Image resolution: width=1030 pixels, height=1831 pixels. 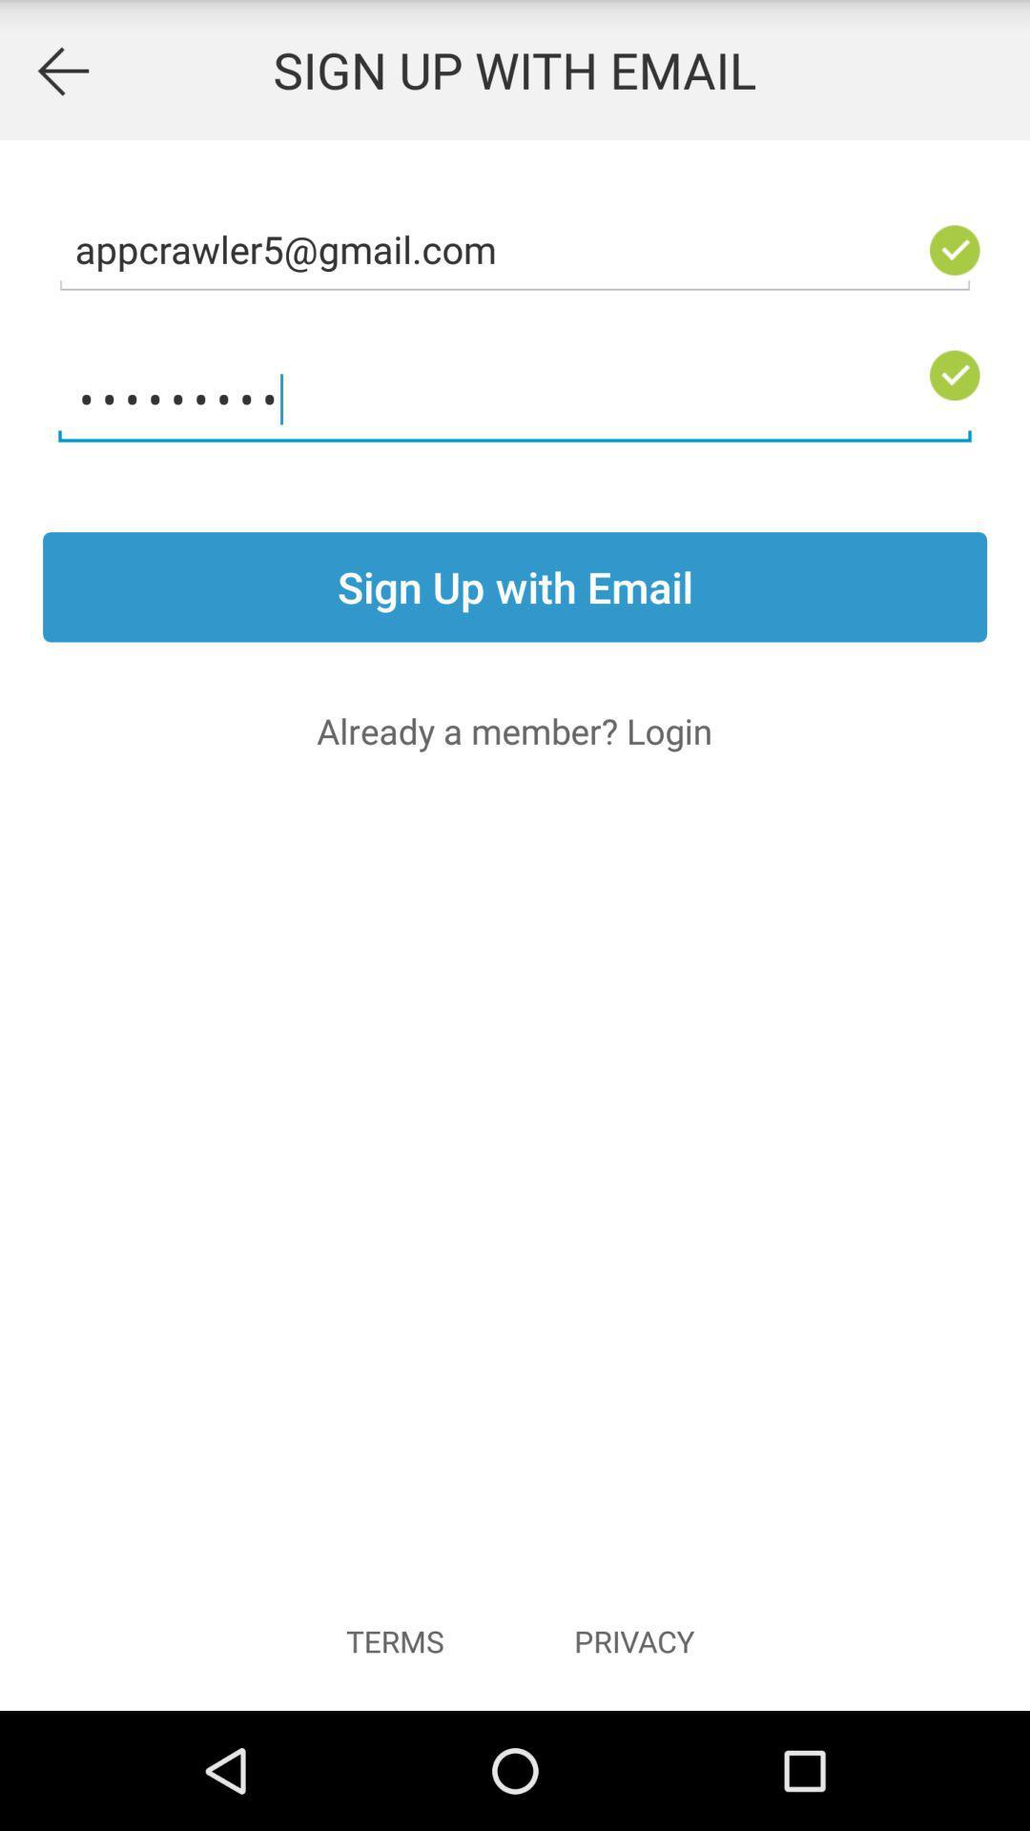 What do you see at coordinates (61, 70) in the screenshot?
I see `go back` at bounding box center [61, 70].